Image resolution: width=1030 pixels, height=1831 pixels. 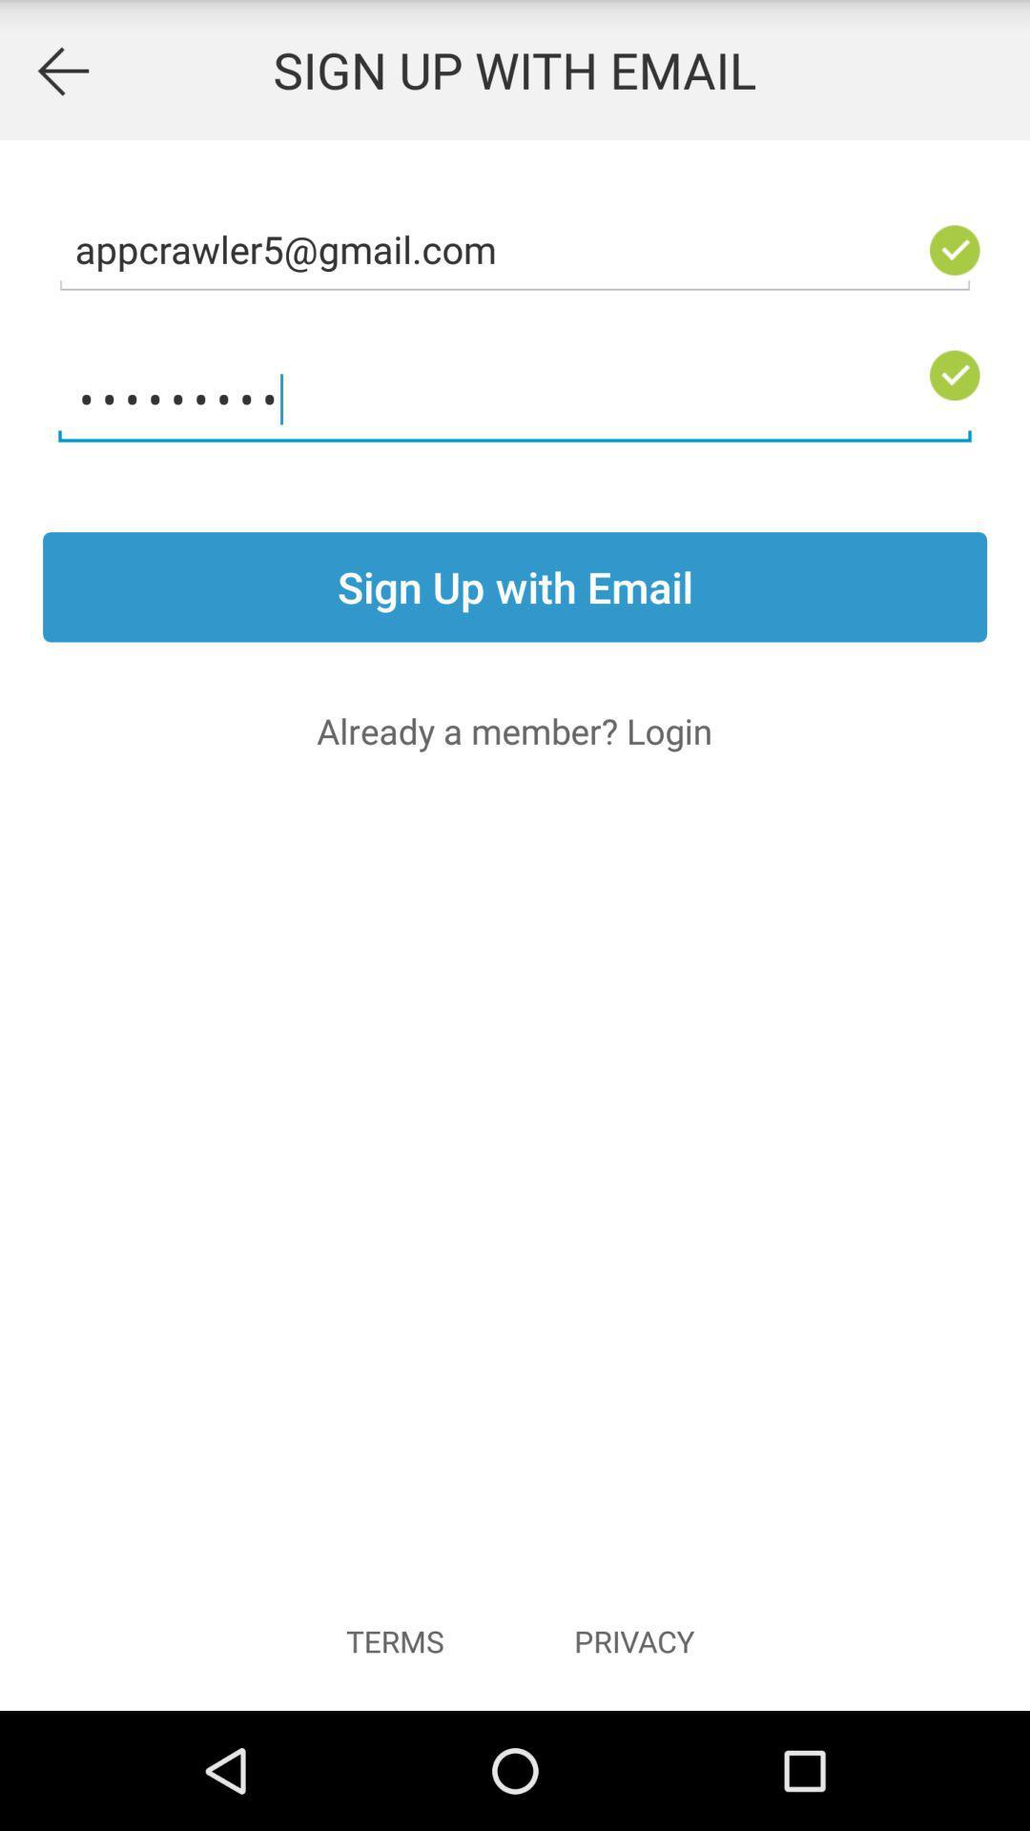 What do you see at coordinates (61, 70) in the screenshot?
I see `go back` at bounding box center [61, 70].